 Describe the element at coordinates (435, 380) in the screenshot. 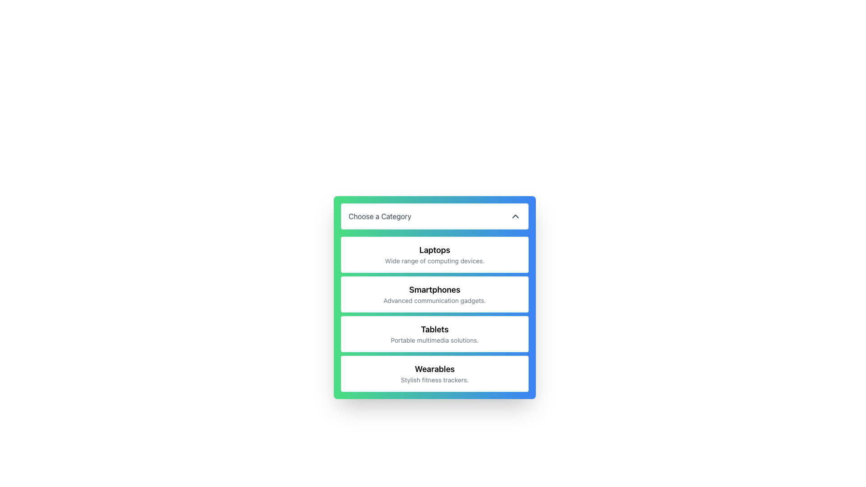

I see `the text label 'Stylish fitness trackers.' which is styled in a small gray sans-serif font, located below the bold 'Wearables' title` at that location.